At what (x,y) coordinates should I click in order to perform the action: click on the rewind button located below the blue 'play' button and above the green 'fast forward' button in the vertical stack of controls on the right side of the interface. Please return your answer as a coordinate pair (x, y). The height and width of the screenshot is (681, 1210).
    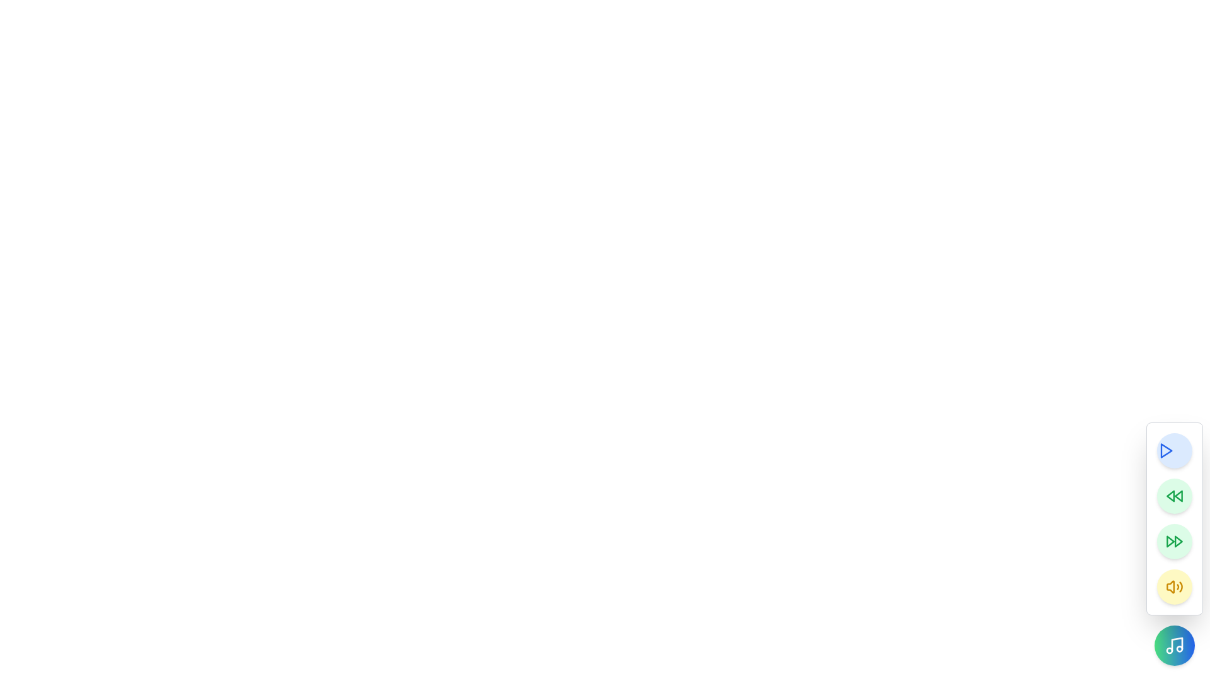
    Looking at the image, I should click on (1173, 495).